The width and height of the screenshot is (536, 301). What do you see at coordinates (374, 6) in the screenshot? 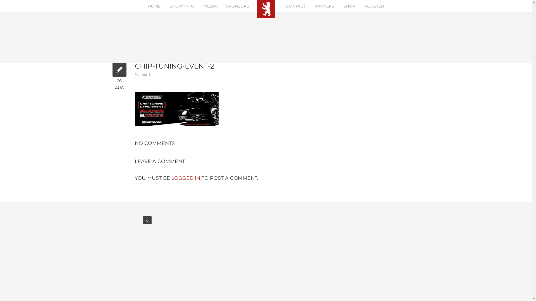
I see `'REGISTER'` at bounding box center [374, 6].